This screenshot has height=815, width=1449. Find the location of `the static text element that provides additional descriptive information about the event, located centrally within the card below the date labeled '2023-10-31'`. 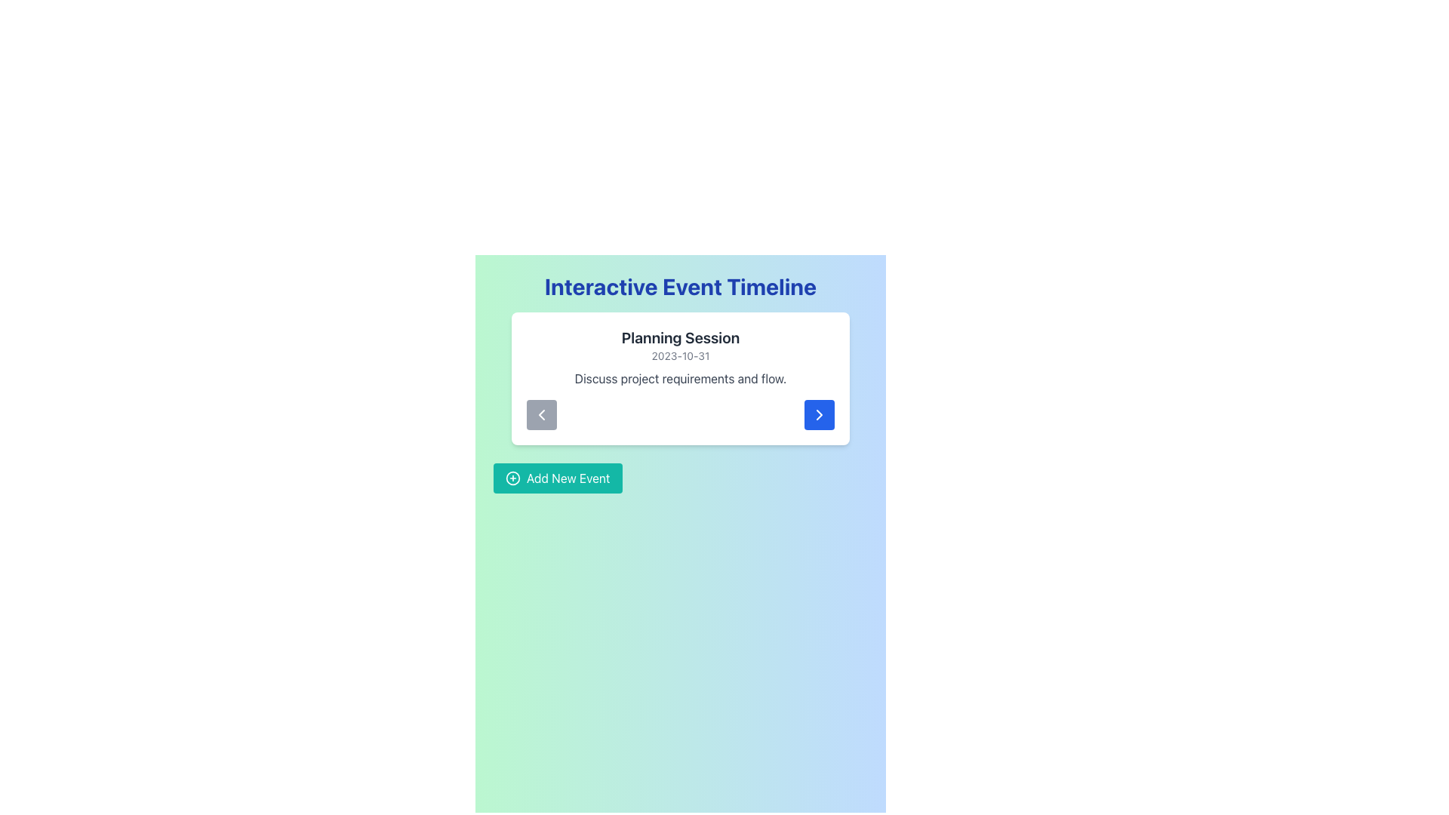

the static text element that provides additional descriptive information about the event, located centrally within the card below the date labeled '2023-10-31' is located at coordinates (680, 377).